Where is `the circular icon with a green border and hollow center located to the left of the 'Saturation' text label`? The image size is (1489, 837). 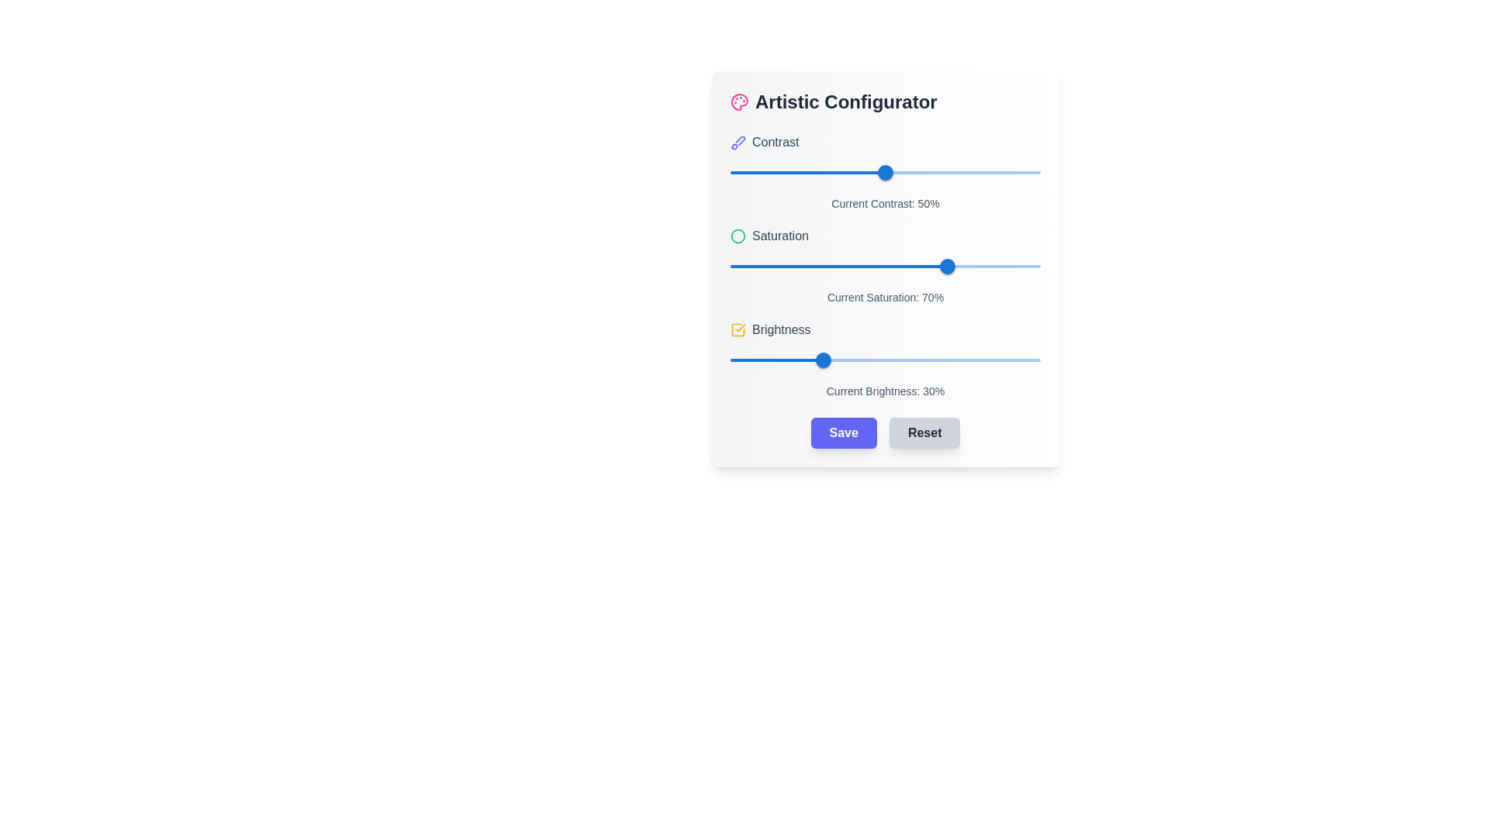 the circular icon with a green border and hollow center located to the left of the 'Saturation' text label is located at coordinates (737, 236).